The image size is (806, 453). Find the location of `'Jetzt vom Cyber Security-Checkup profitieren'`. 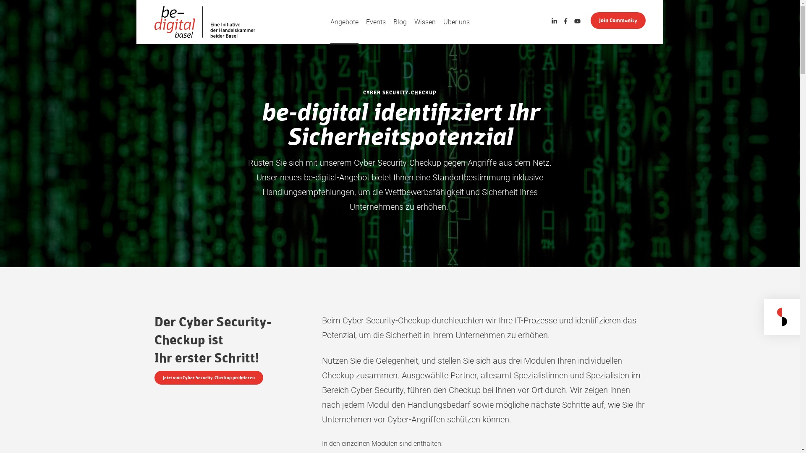

'Jetzt vom Cyber Security-Checkup profitieren' is located at coordinates (209, 377).